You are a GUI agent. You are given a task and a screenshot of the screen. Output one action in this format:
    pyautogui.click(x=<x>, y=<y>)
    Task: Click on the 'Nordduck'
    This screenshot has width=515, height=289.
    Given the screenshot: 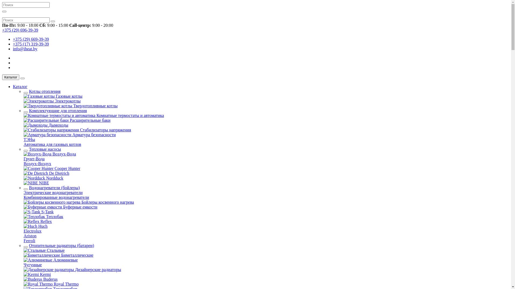 What is the action you would take?
    pyautogui.click(x=23, y=178)
    